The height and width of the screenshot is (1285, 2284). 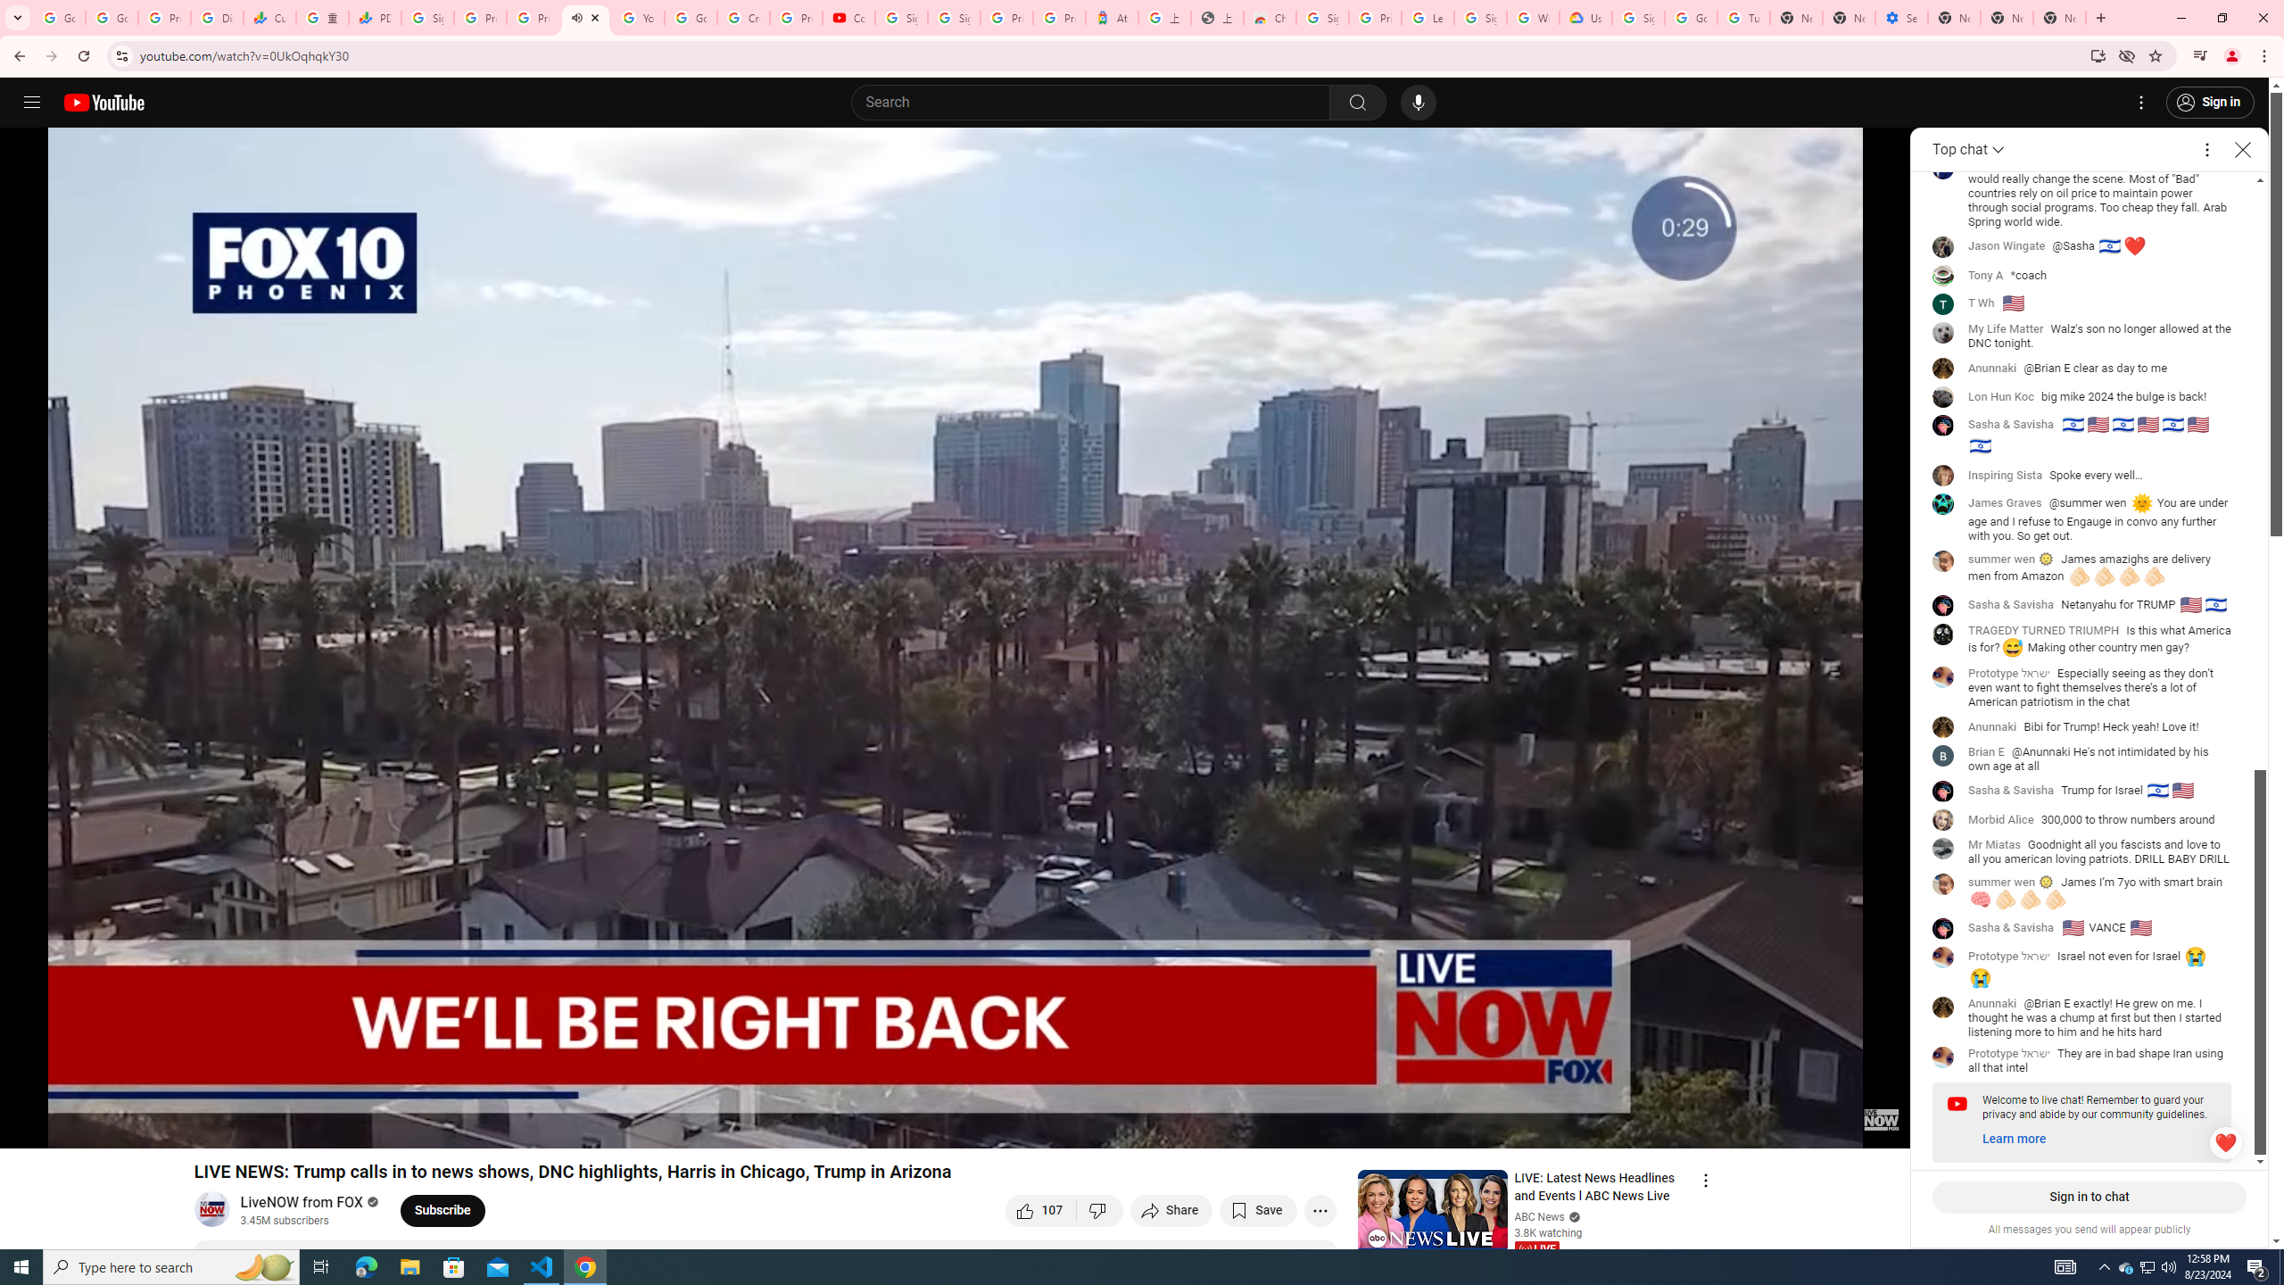 I want to click on 'Google Workspace Admin Community', so click(x=58, y=17).